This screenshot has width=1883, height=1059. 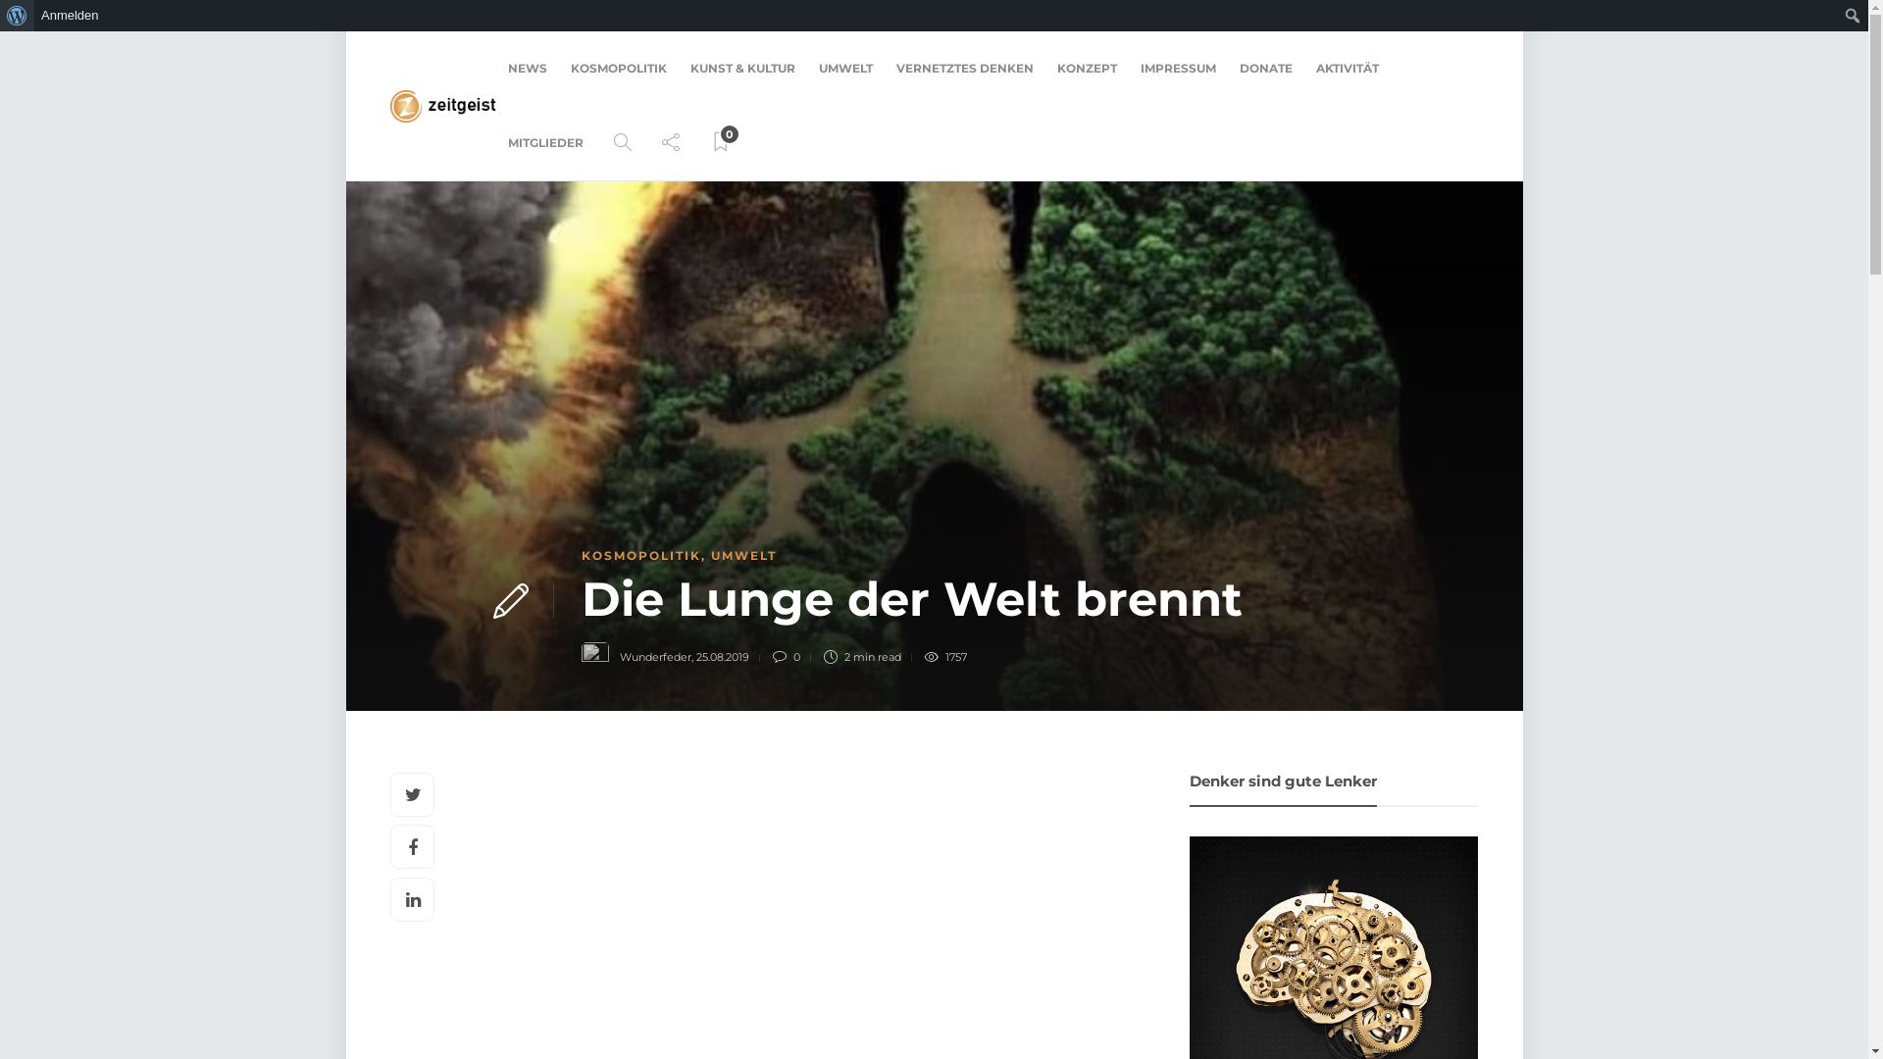 I want to click on 'Wunderfeder', so click(x=655, y=657).